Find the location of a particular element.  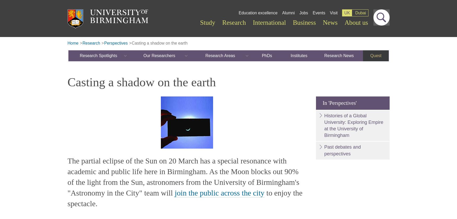

'Perspectives' is located at coordinates (103, 43).